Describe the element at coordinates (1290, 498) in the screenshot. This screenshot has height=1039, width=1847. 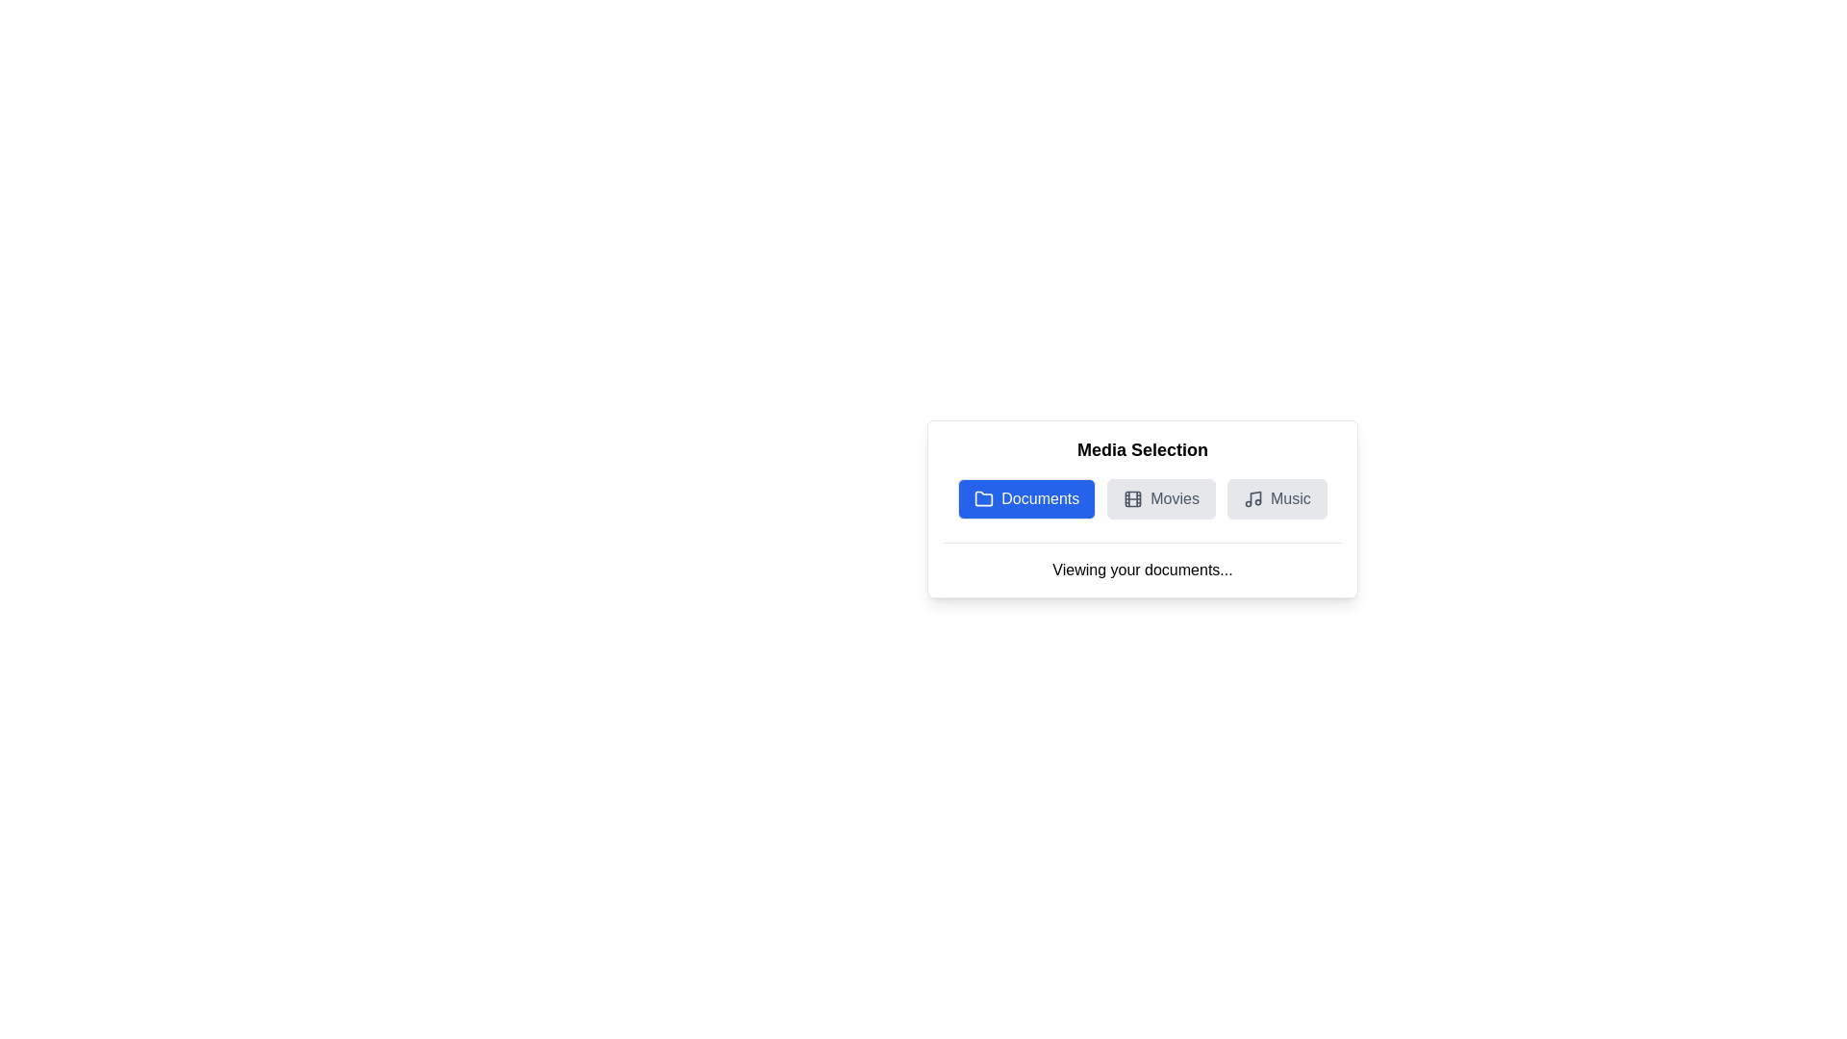
I see `the 'Music' text label within the rounded gray rectangular button, which is the rightmost media selection option` at that location.